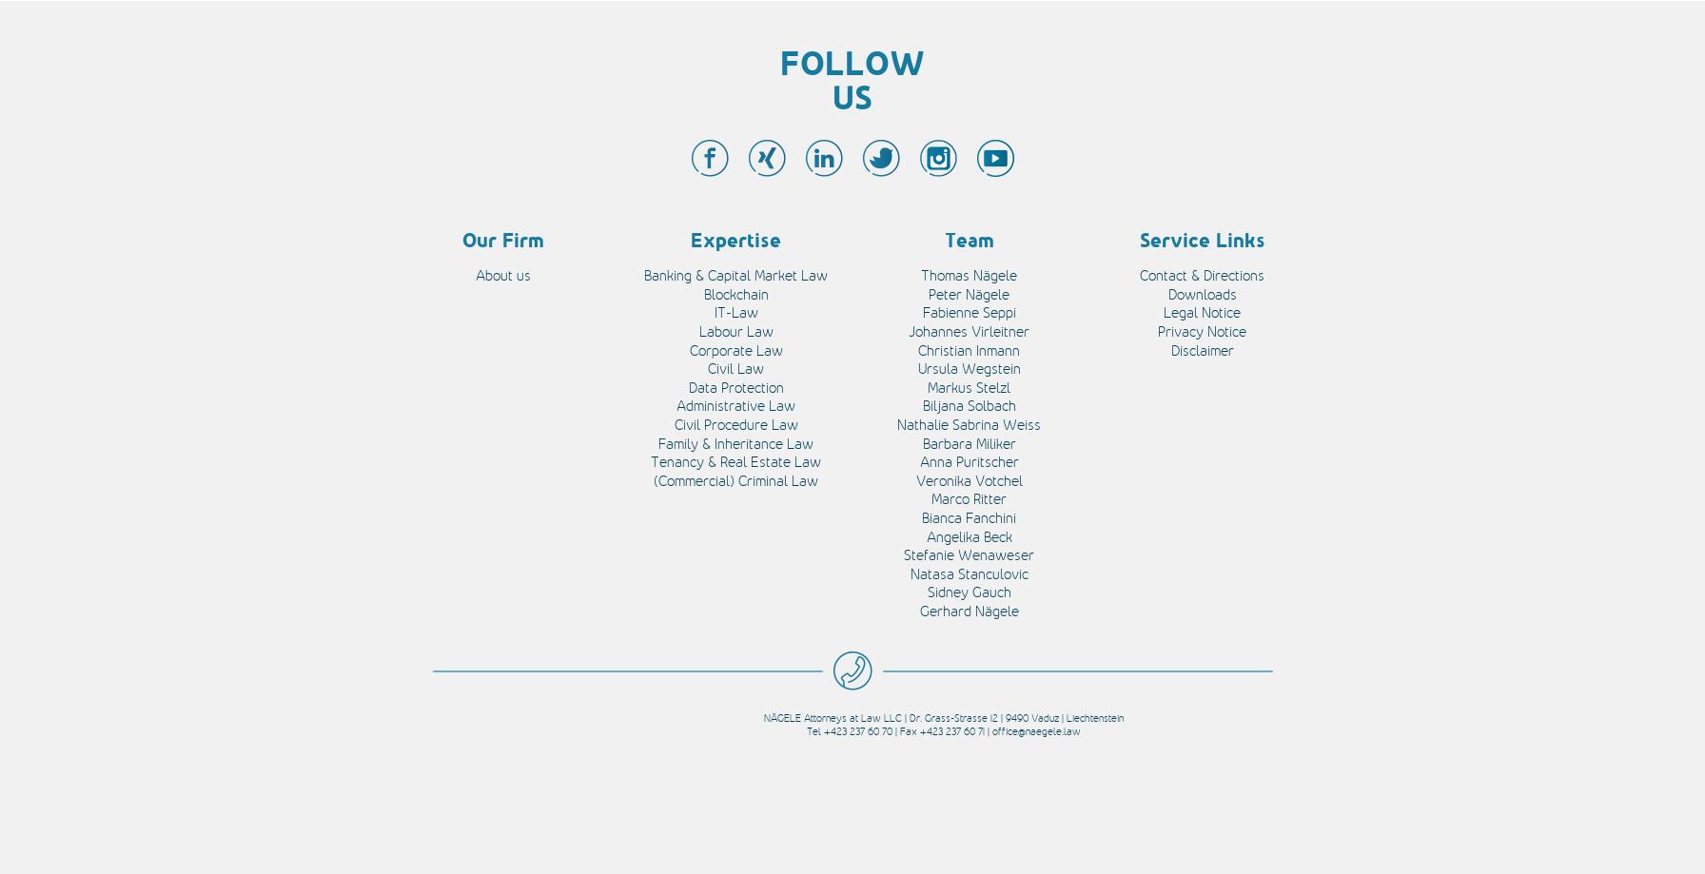 This screenshot has width=1705, height=874. Describe the element at coordinates (234, 149) in the screenshot. I see `'Facebook'` at that location.